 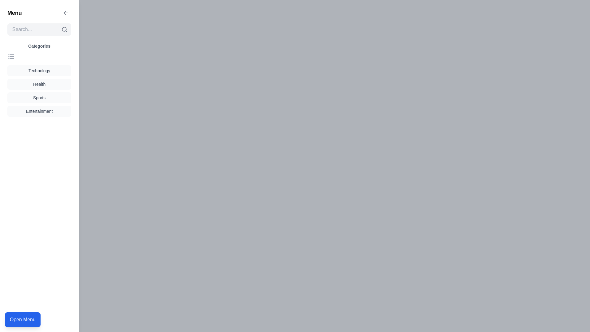 I want to click on the 'Menu' Text Label in the sidebar which serves as an informational title for the section, so click(x=14, y=13).